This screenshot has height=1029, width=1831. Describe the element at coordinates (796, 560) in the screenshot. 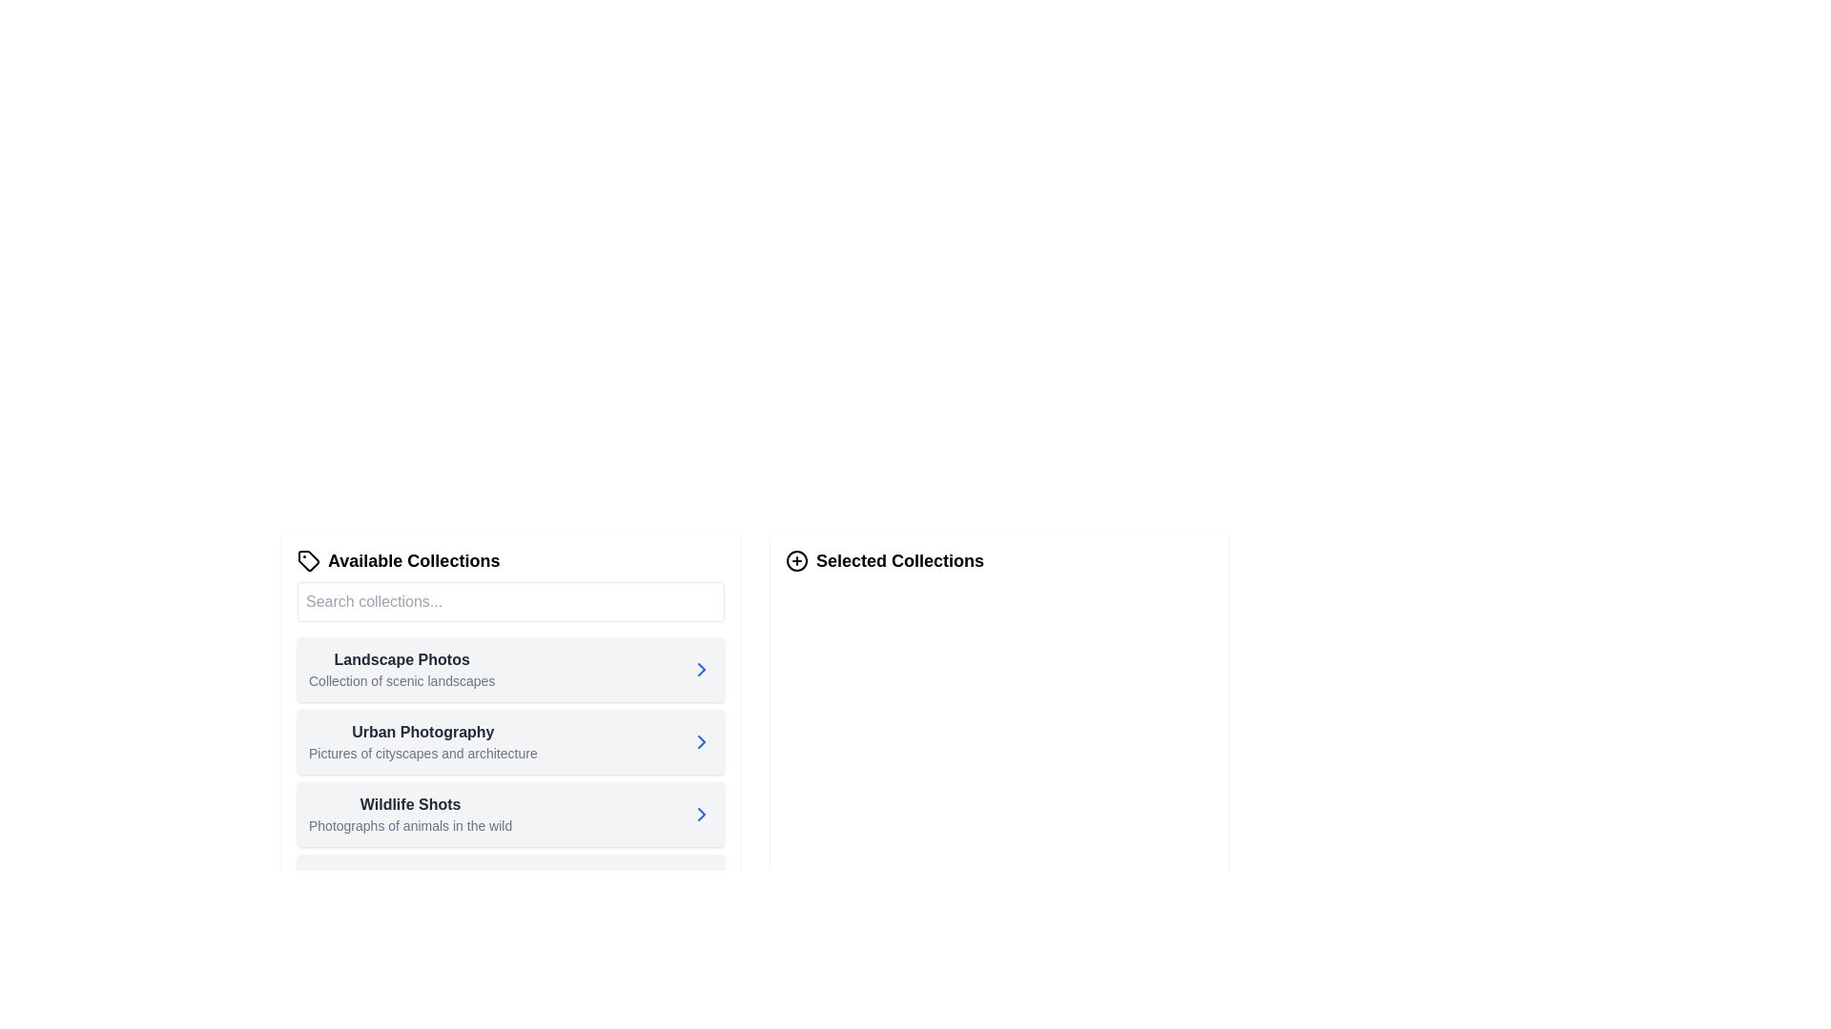

I see `the circular icon with a plus sign, located to the left of the text 'Selected Collections'` at that location.